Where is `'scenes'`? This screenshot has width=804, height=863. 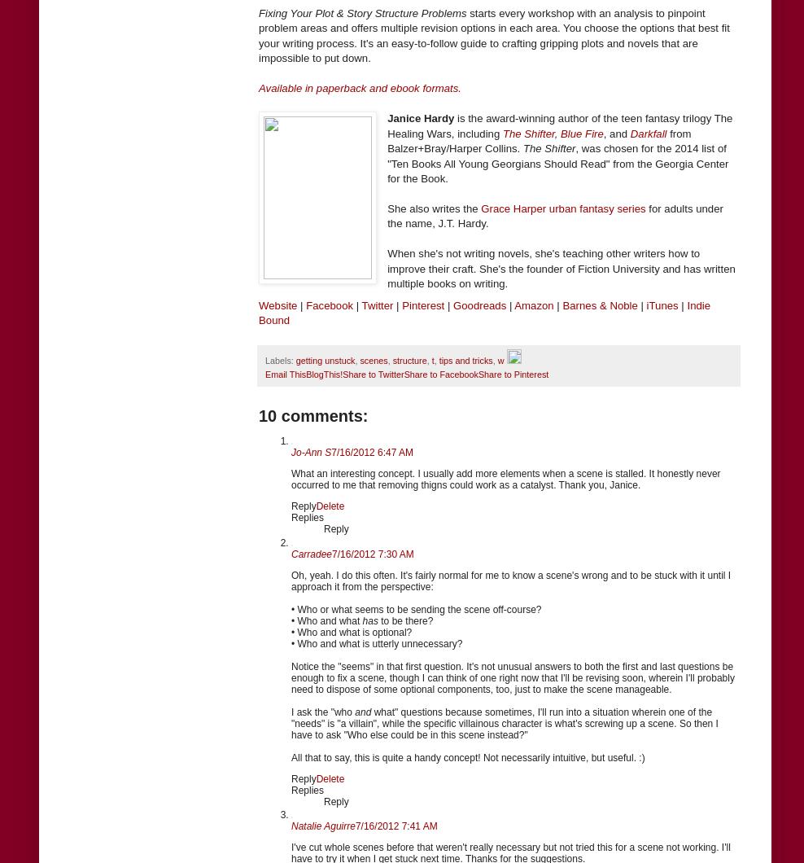 'scenes' is located at coordinates (360, 359).